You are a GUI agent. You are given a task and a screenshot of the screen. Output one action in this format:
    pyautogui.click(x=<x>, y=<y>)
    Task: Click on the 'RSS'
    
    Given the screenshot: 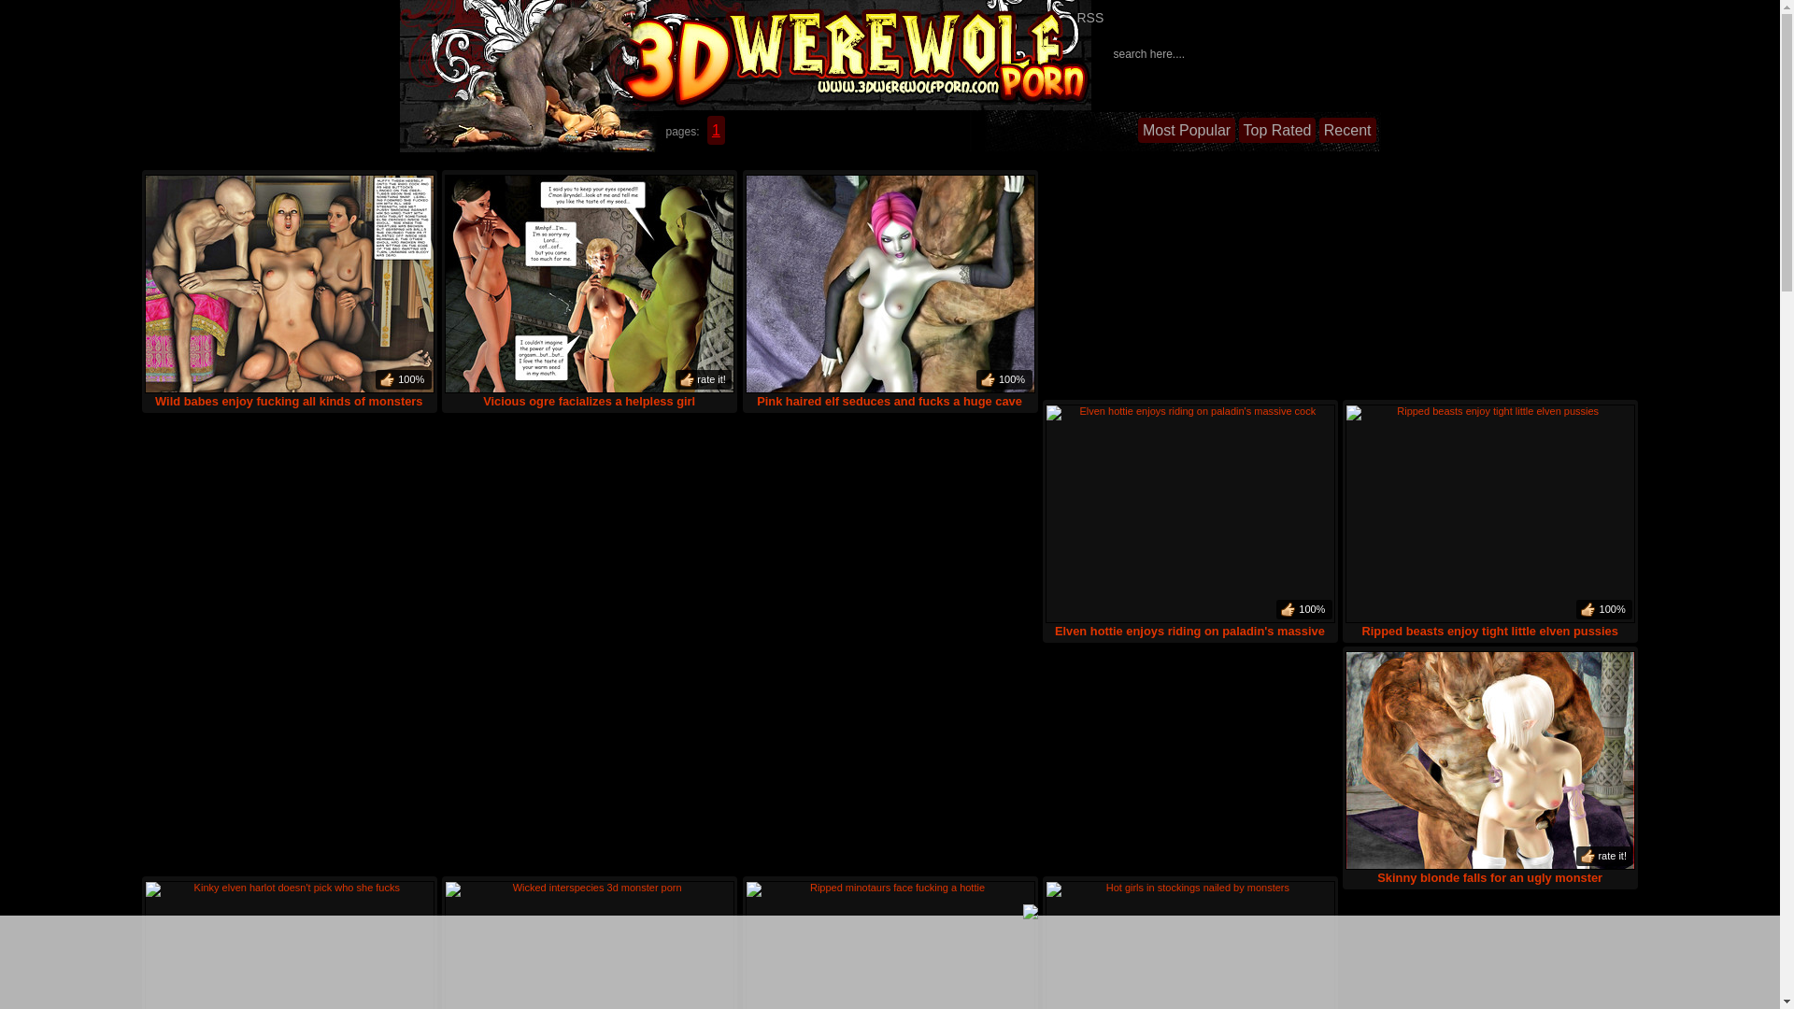 What is the action you would take?
    pyautogui.click(x=1102, y=18)
    